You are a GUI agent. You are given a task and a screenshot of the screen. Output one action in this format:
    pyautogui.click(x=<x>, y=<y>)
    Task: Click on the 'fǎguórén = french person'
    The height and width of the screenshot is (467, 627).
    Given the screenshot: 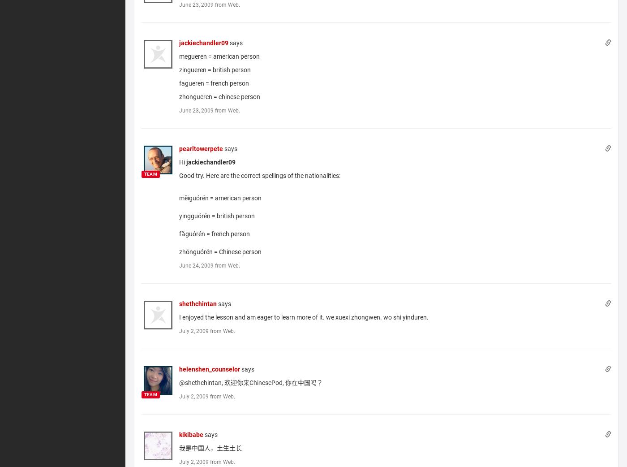 What is the action you would take?
    pyautogui.click(x=178, y=233)
    